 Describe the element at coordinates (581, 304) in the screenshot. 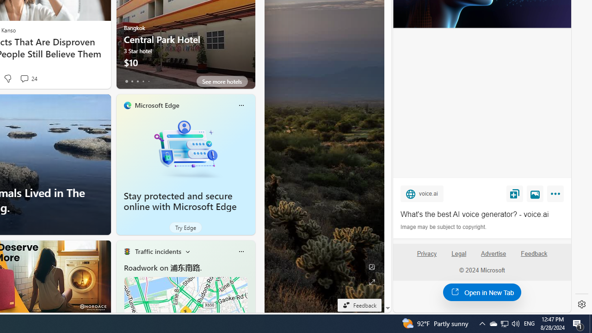

I see `'Settings'` at that location.